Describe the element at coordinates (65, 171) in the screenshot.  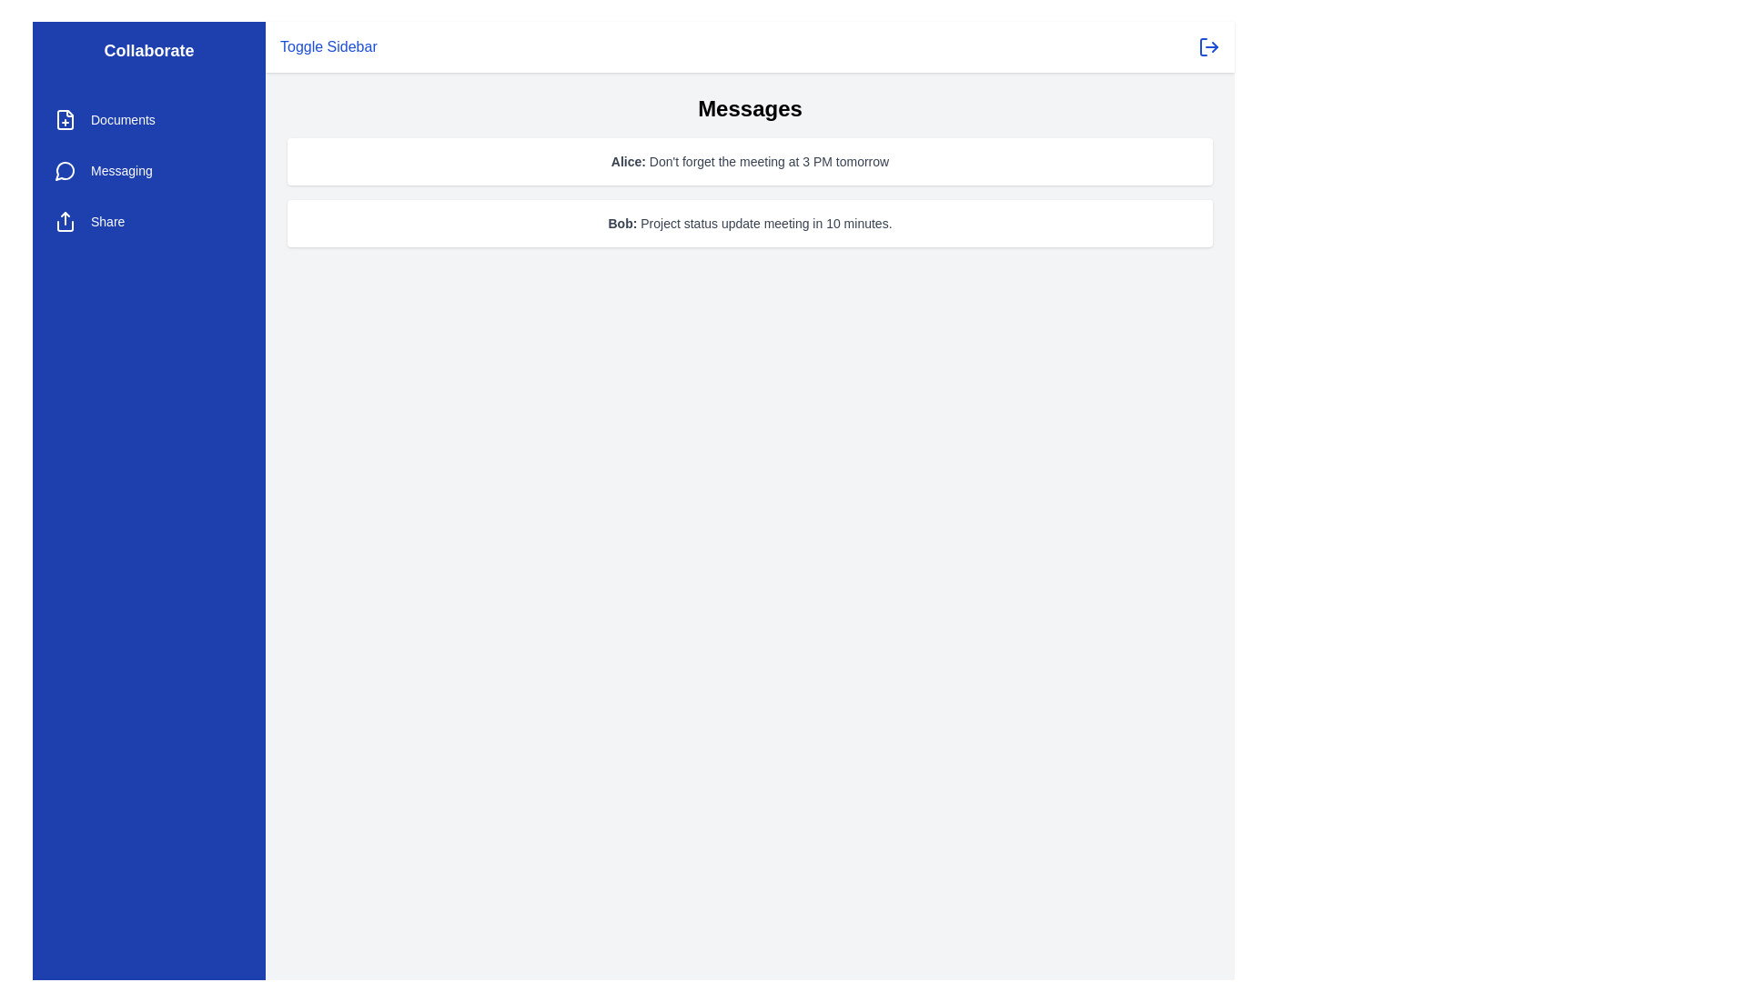
I see `the Speech Bubble icon in the blue sidebar` at that location.